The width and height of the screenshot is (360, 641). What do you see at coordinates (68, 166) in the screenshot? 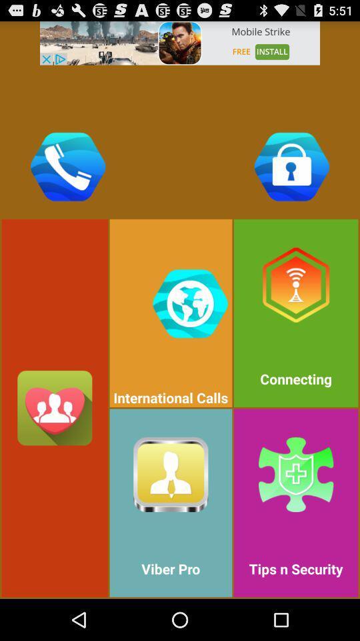
I see `phone icon` at bounding box center [68, 166].